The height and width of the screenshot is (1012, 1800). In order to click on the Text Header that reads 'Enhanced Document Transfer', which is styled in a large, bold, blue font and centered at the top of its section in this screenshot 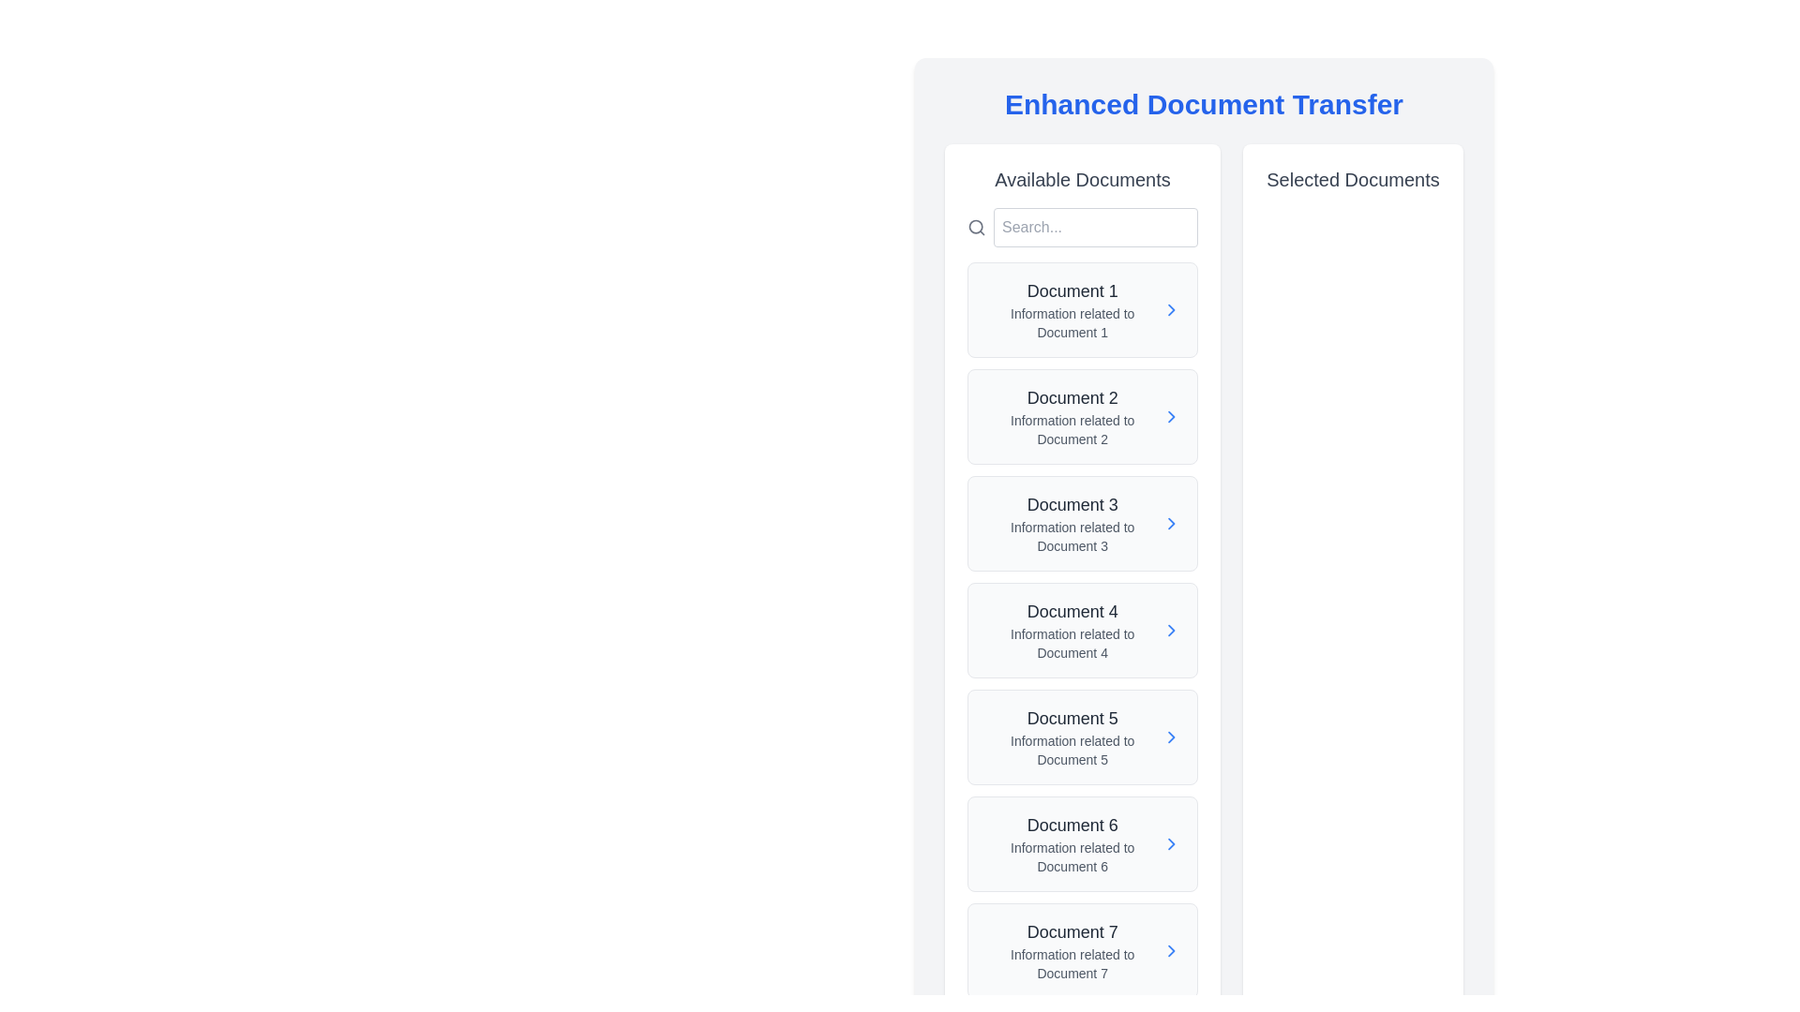, I will do `click(1204, 104)`.